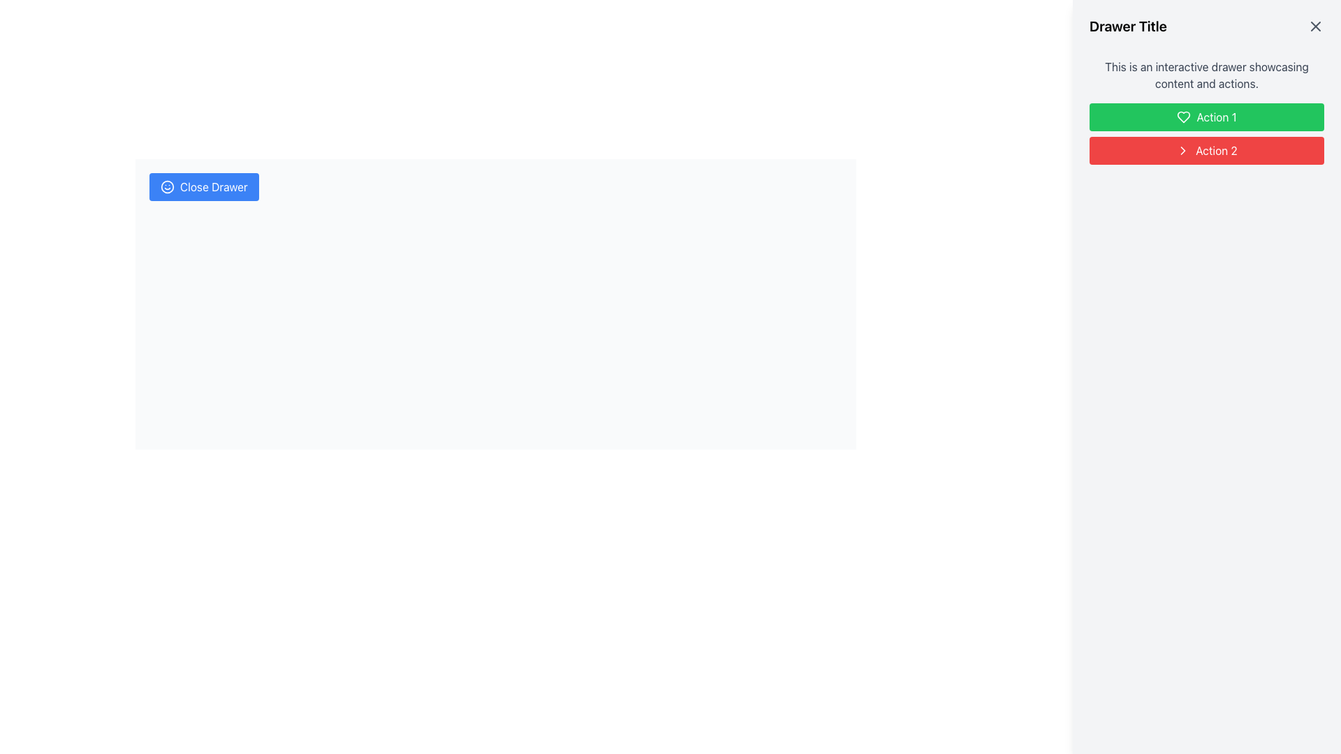 The height and width of the screenshot is (754, 1341). Describe the element at coordinates (168, 186) in the screenshot. I see `the small circular smiley face icon located to the left of the 'Close Drawer' text within the blue button` at that location.